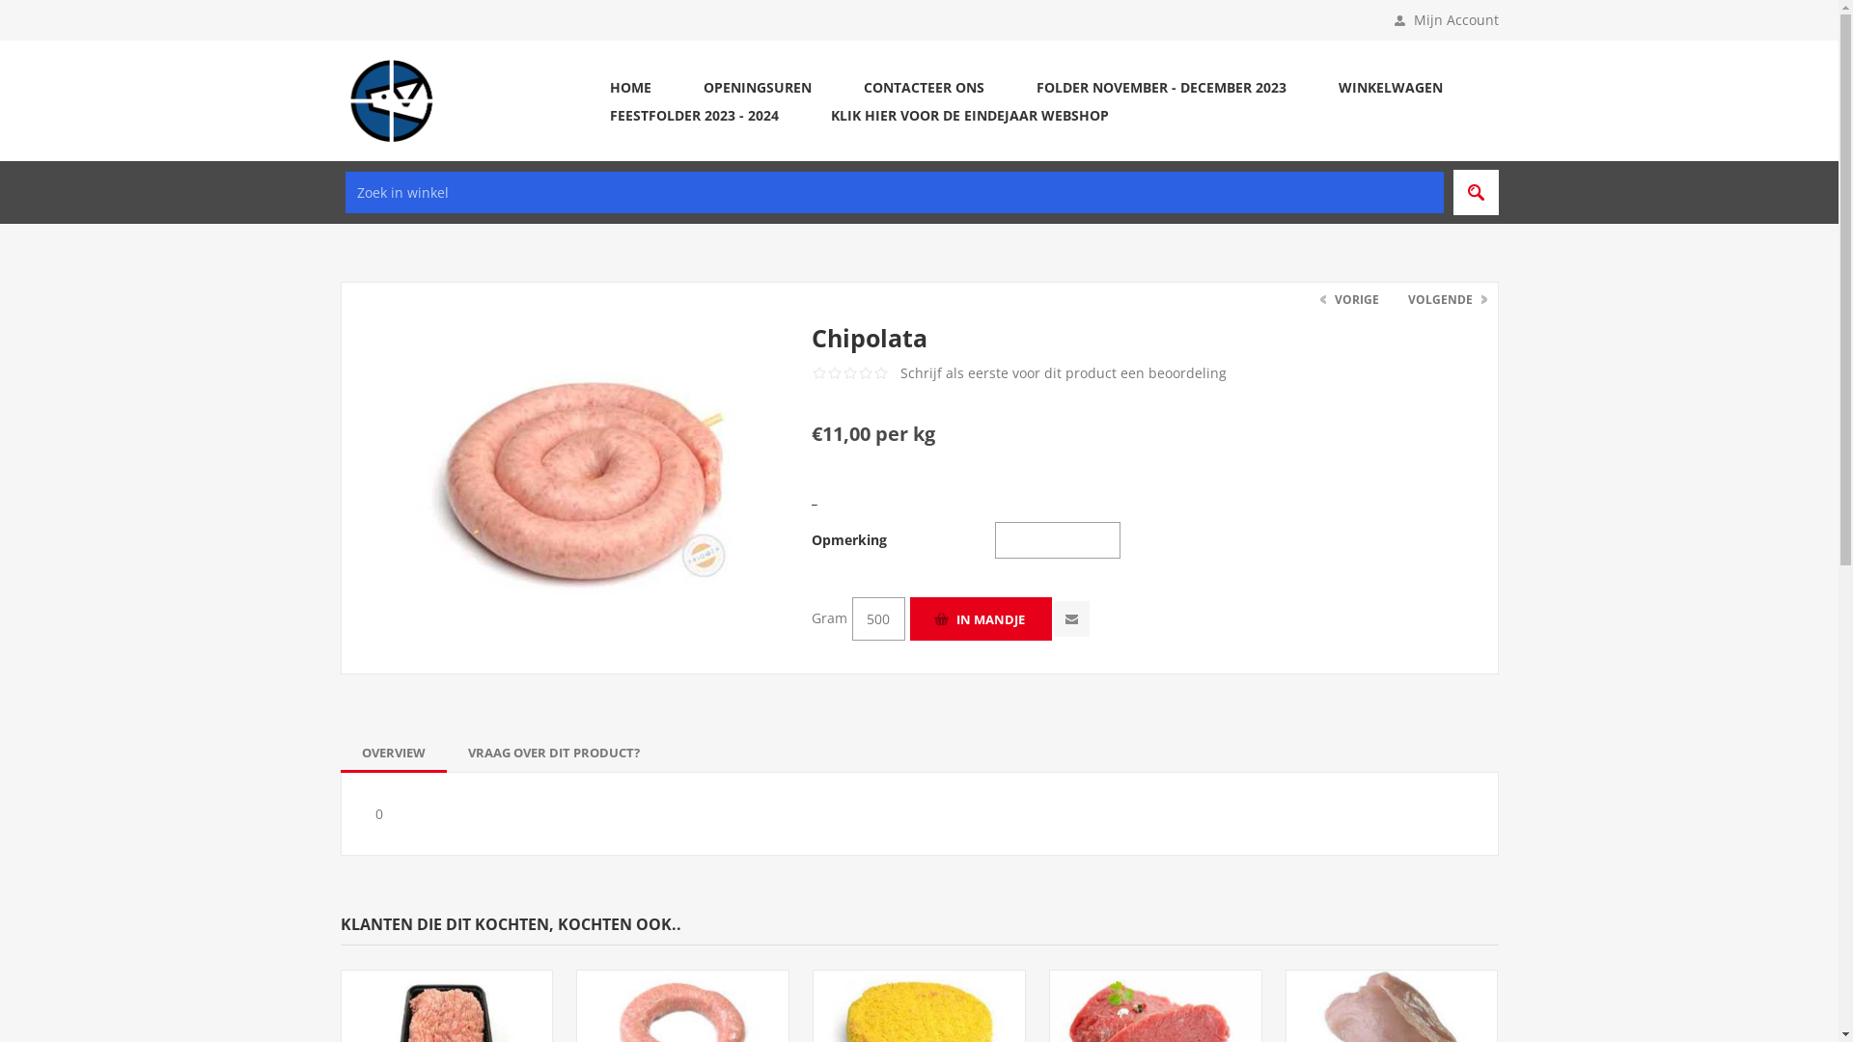 The height and width of the screenshot is (1042, 1853). What do you see at coordinates (1475, 192) in the screenshot?
I see `'Search'` at bounding box center [1475, 192].